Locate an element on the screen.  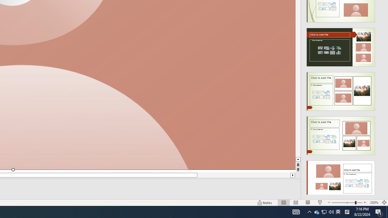
'Line down' is located at coordinates (298, 159).